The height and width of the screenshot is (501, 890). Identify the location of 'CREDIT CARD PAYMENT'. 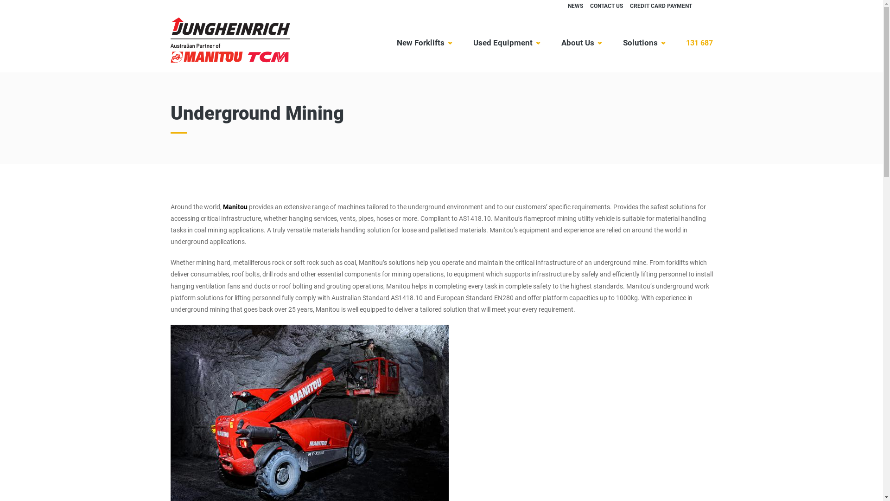
(660, 6).